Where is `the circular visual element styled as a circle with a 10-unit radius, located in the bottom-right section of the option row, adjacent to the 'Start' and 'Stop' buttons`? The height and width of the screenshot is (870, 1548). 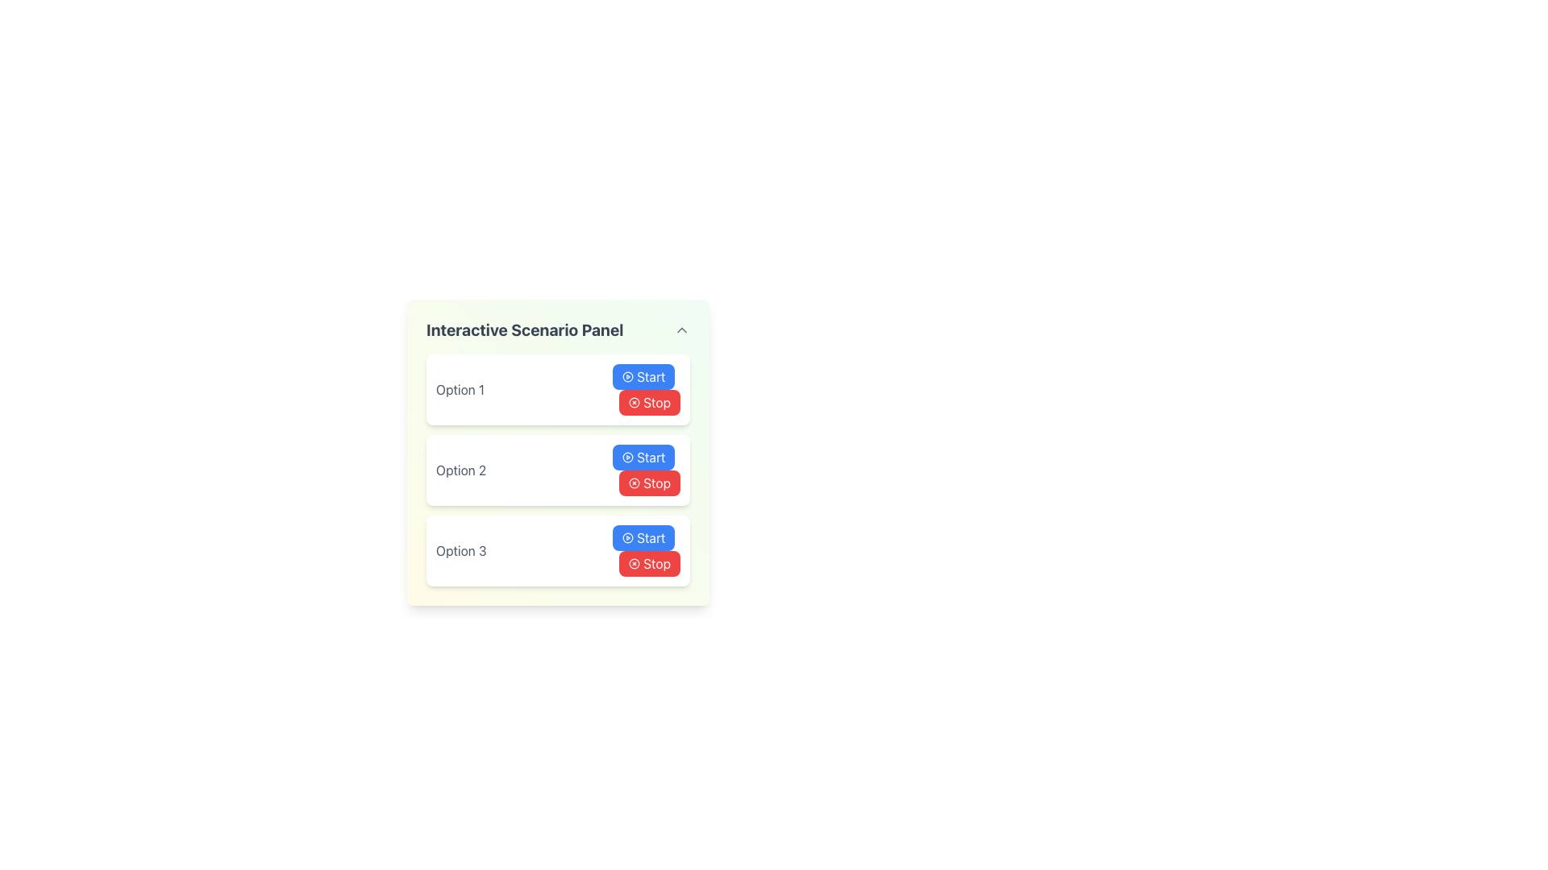
the circular visual element styled as a circle with a 10-unit radius, located in the bottom-right section of the option row, adjacent to the 'Start' and 'Stop' buttons is located at coordinates (627, 457).